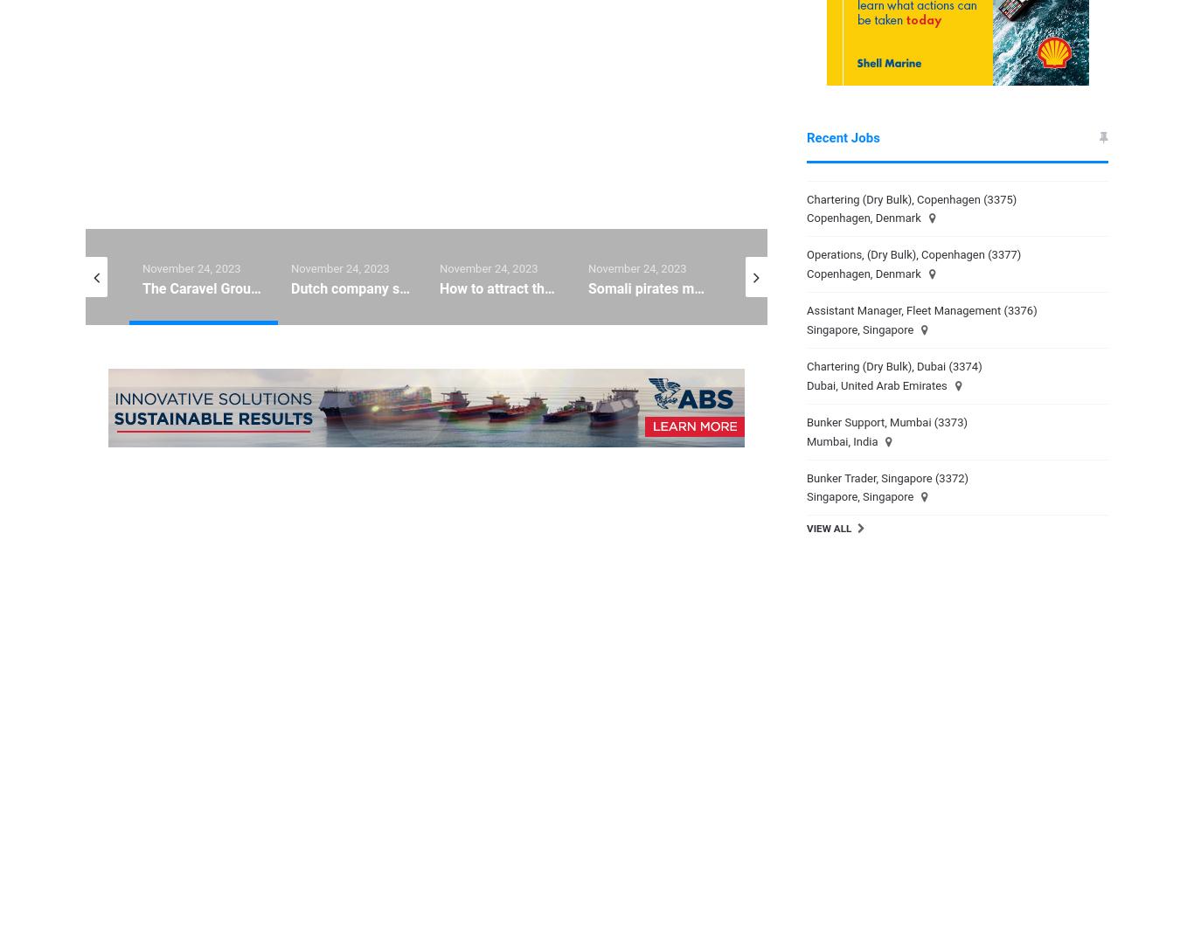 This screenshot has width=1194, height=928. I want to click on 'Bunker Trader, Singapore (3372)', so click(807, 477).